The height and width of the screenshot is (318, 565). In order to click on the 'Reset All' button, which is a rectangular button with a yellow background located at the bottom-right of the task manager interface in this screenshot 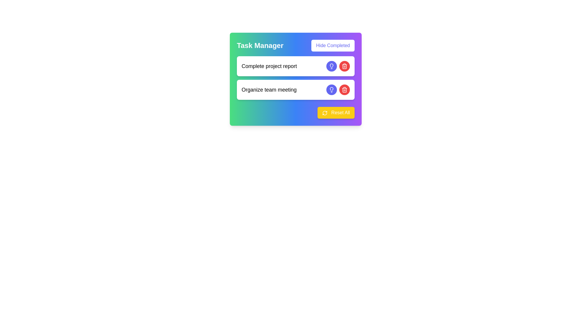, I will do `click(336, 112)`.